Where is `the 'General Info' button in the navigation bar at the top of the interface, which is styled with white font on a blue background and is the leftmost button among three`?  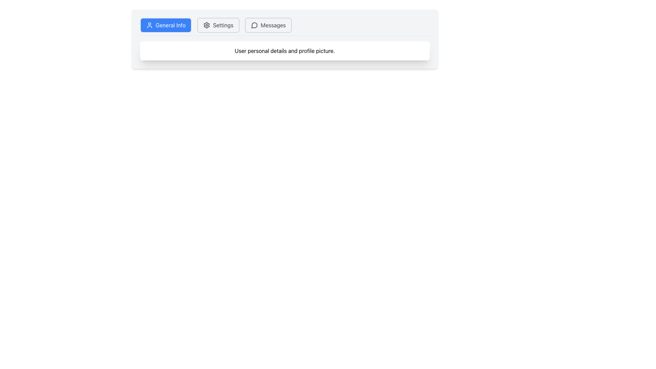
the 'General Info' button in the navigation bar at the top of the interface, which is styled with white font on a blue background and is the leftmost button among three is located at coordinates (170, 25).